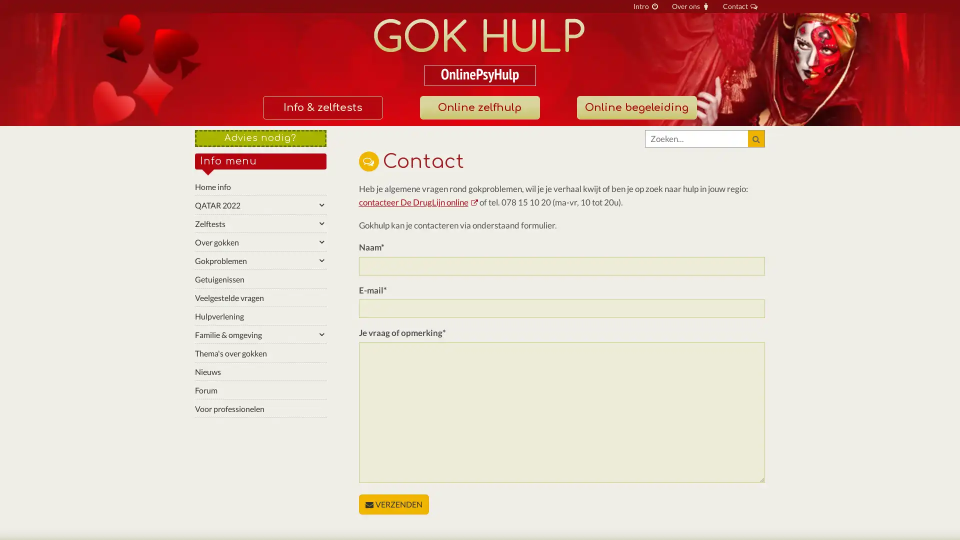  Describe the element at coordinates (635, 107) in the screenshot. I see `Online begeleiding` at that location.